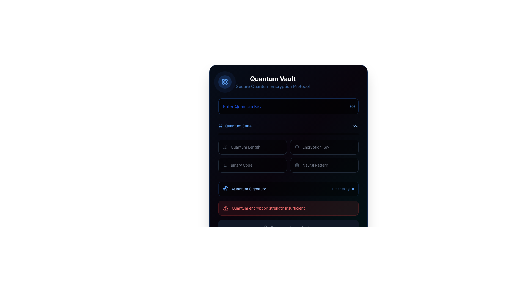  I want to click on label 'Quantum State' which is a horizontally arranged visual cluster consisting of a blue database icon on the left and the text on the right, located below the 'Enter Quantum Key' input field, so click(235, 126).